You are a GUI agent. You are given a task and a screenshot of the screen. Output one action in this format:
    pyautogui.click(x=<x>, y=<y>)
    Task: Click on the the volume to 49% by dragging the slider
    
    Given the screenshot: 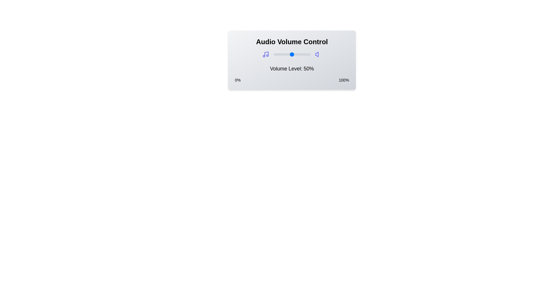 What is the action you would take?
    pyautogui.click(x=291, y=54)
    